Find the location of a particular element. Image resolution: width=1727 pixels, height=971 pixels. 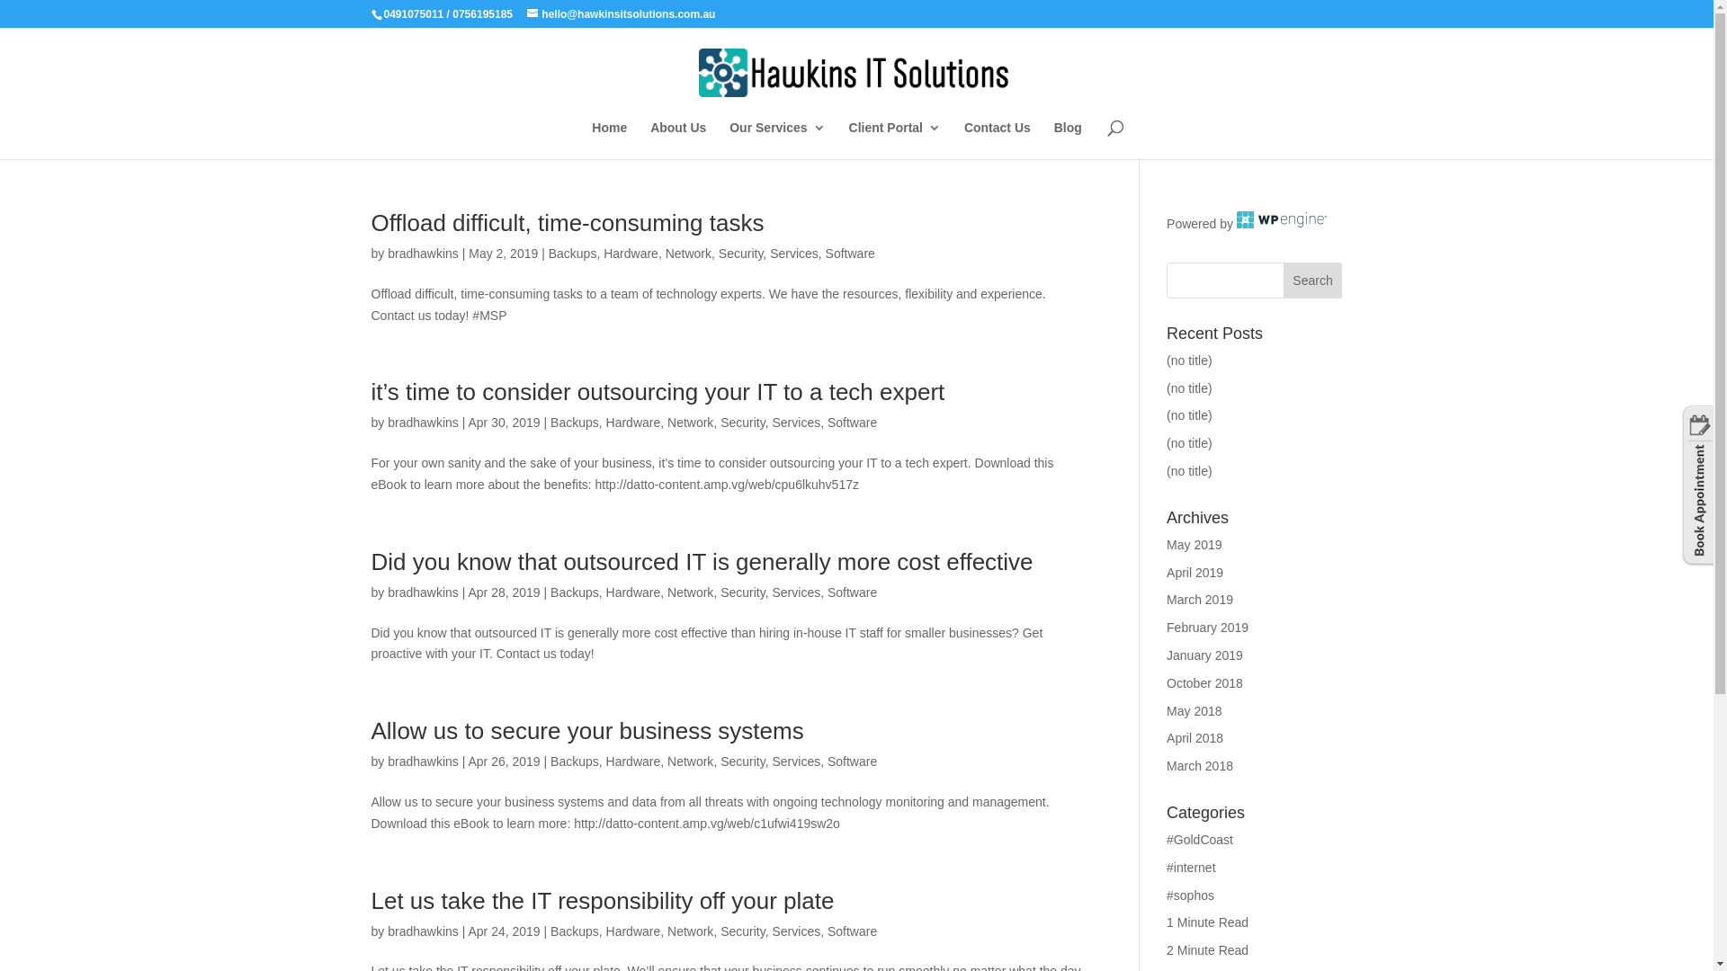

'Our Services' is located at coordinates (777, 138).